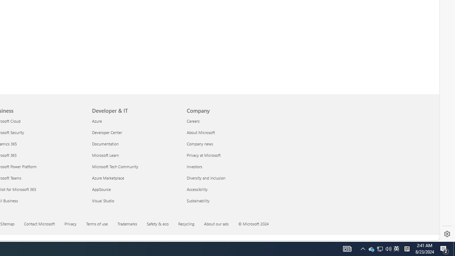  I want to click on 'About Microsoft Company', so click(200, 132).